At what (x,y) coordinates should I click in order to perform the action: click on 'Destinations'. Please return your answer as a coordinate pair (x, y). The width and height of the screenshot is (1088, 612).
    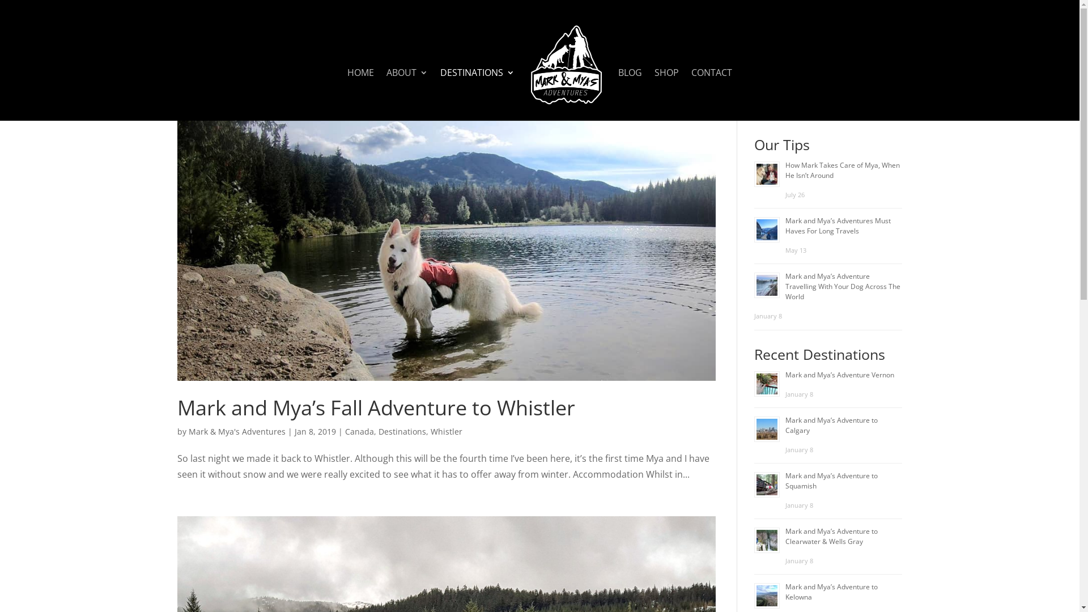
    Looking at the image, I should click on (402, 431).